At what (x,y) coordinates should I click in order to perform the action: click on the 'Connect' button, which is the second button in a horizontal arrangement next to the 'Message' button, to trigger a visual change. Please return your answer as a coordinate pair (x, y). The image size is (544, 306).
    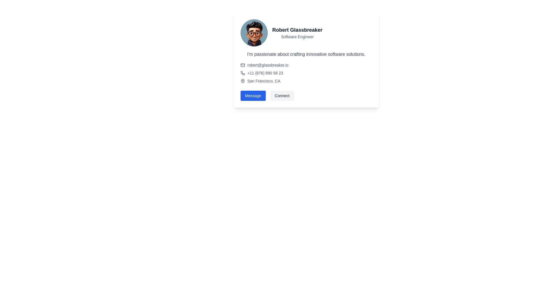
    Looking at the image, I should click on (282, 95).